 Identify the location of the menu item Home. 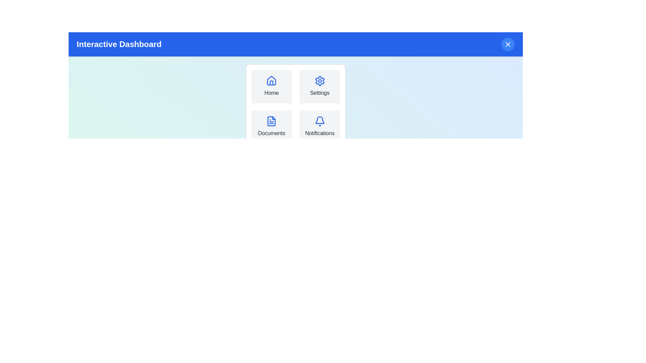
(271, 86).